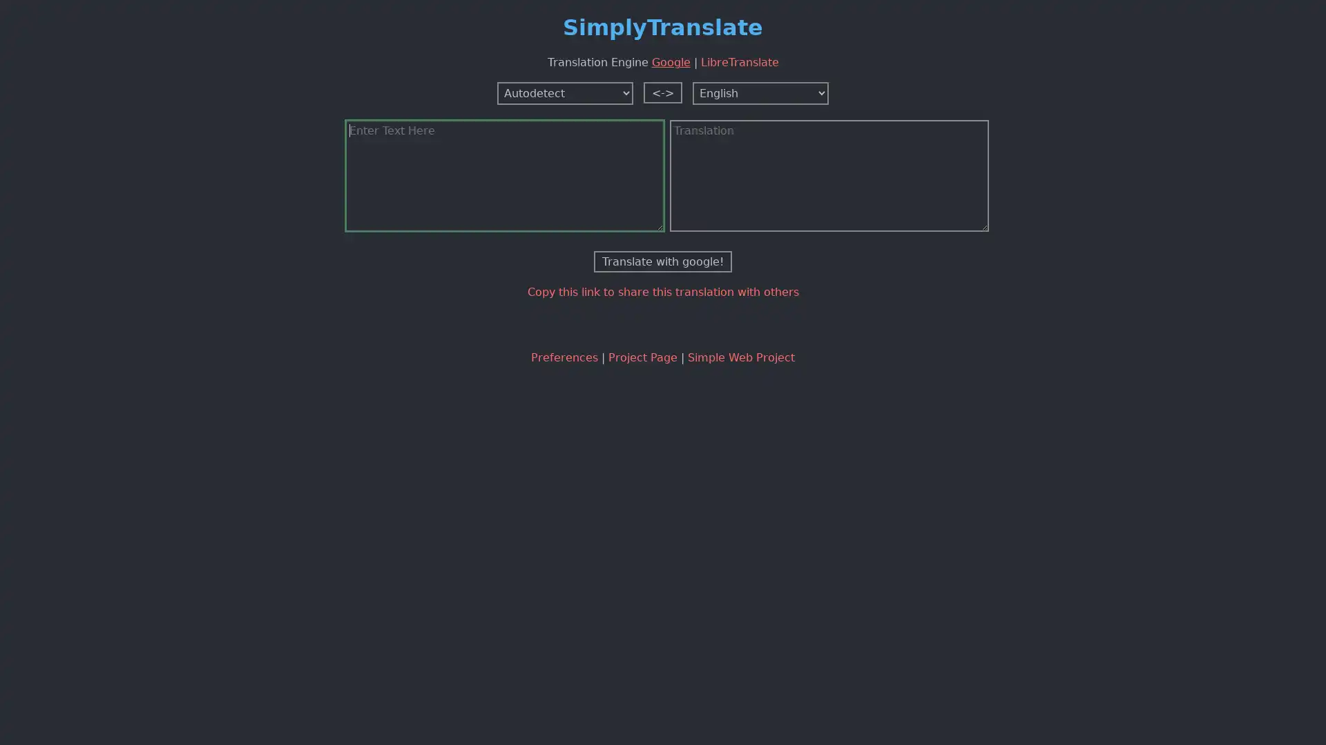  Describe the element at coordinates (663, 261) in the screenshot. I see `Translate with google!` at that location.